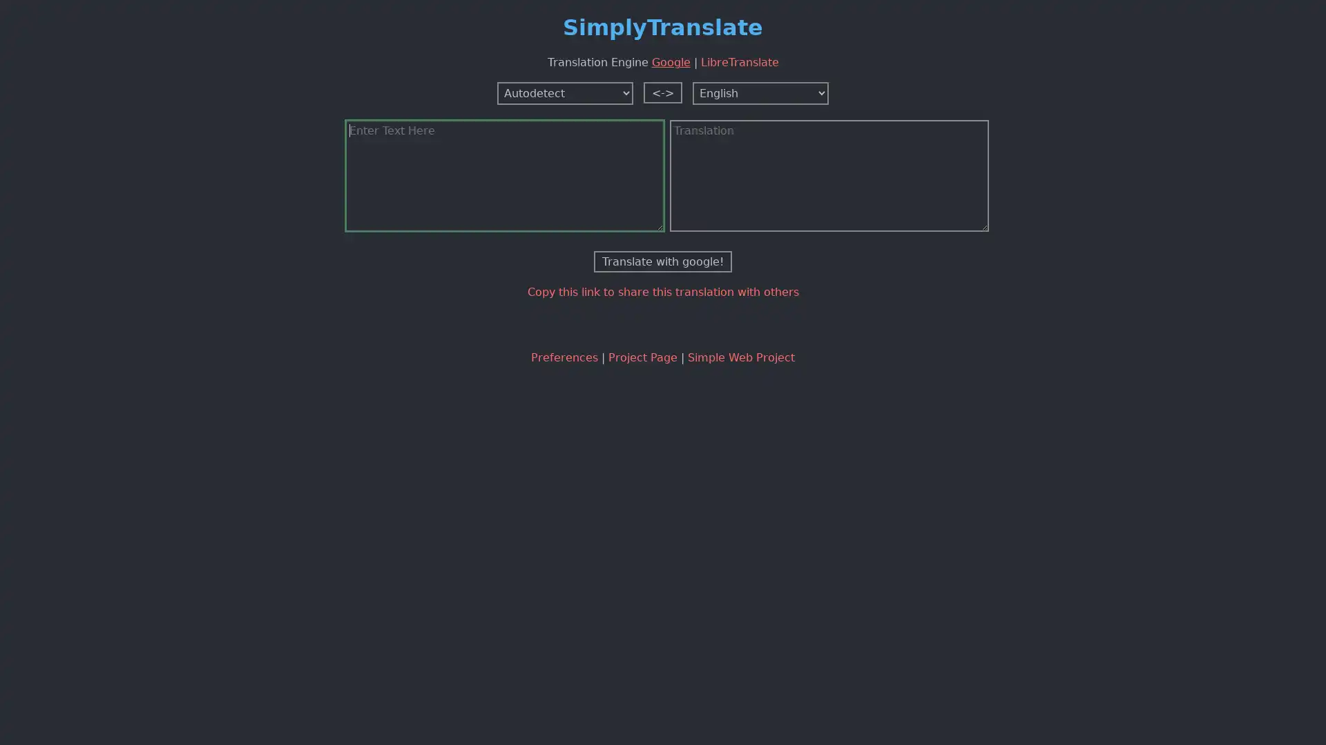  Describe the element at coordinates (663, 261) in the screenshot. I see `Translate with google!` at that location.